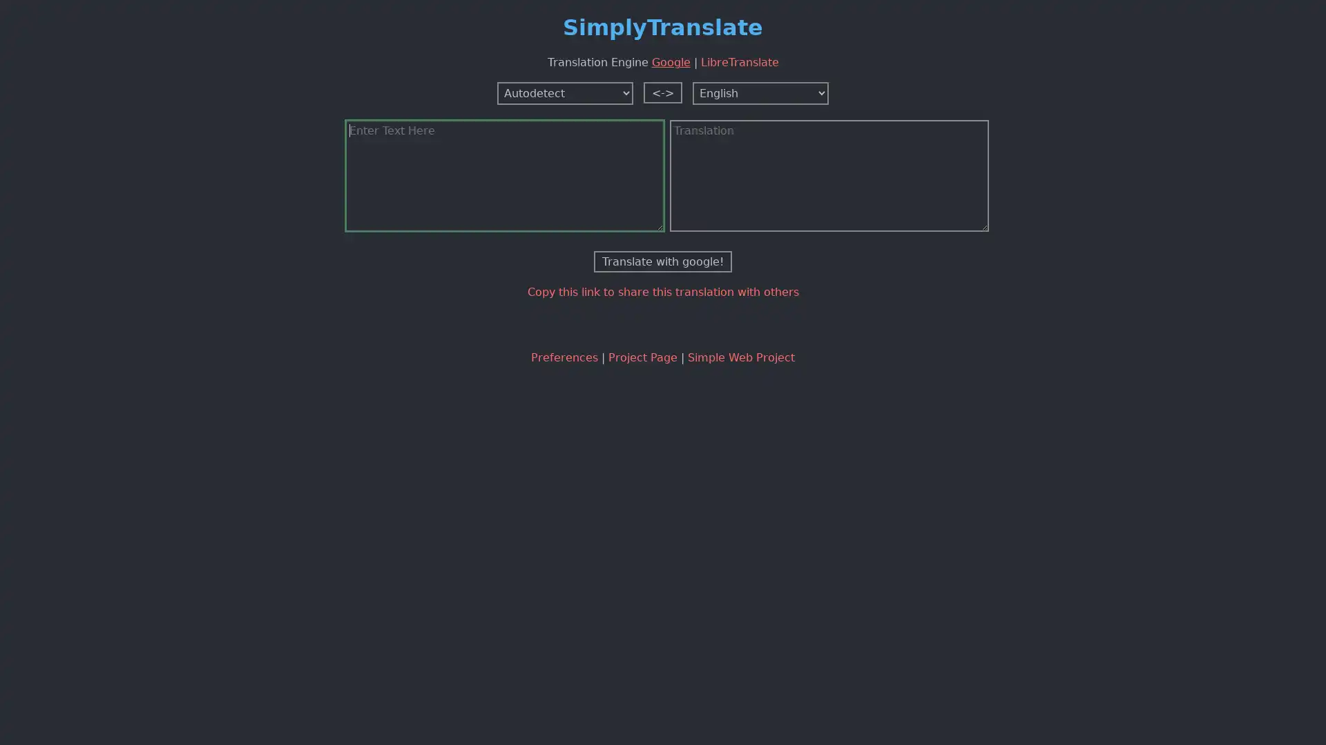  Describe the element at coordinates (663, 261) in the screenshot. I see `Translate with google!` at that location.